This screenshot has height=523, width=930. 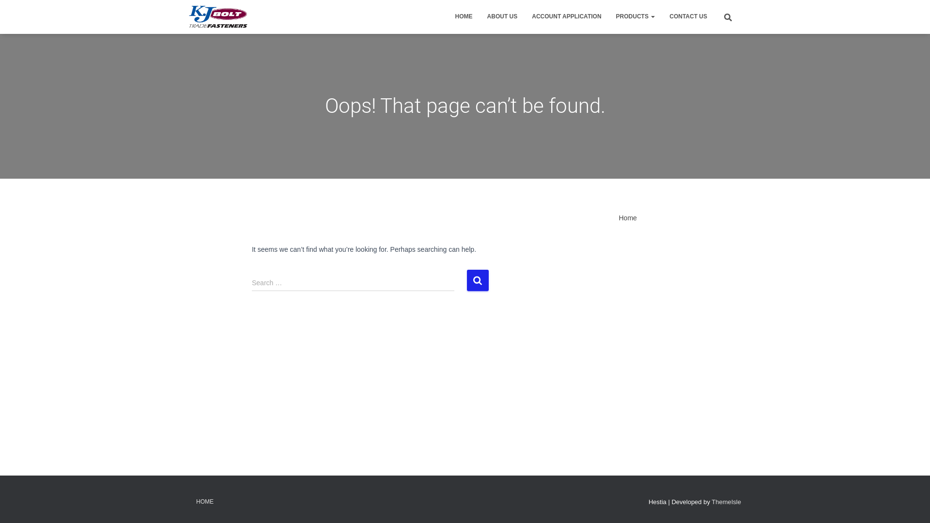 I want to click on 'Search', so click(x=467, y=280).